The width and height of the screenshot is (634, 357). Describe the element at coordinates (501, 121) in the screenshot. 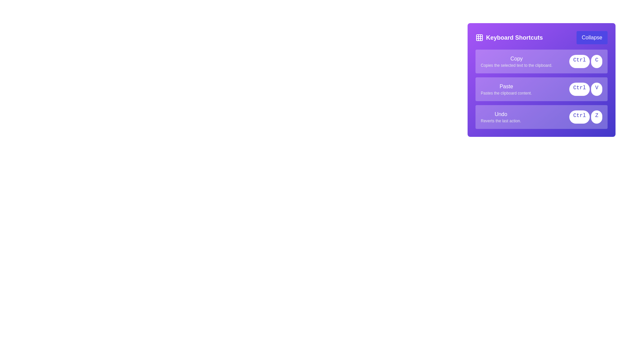

I see `the descriptive Text Label for the 'Undo' action, which is positioned below the 'Undo' label in a purple-themed panel on the right side of the interface` at that location.